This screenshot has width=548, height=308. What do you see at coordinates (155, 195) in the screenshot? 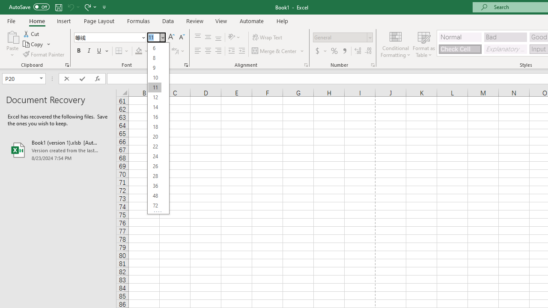
I see `'48'` at bounding box center [155, 195].